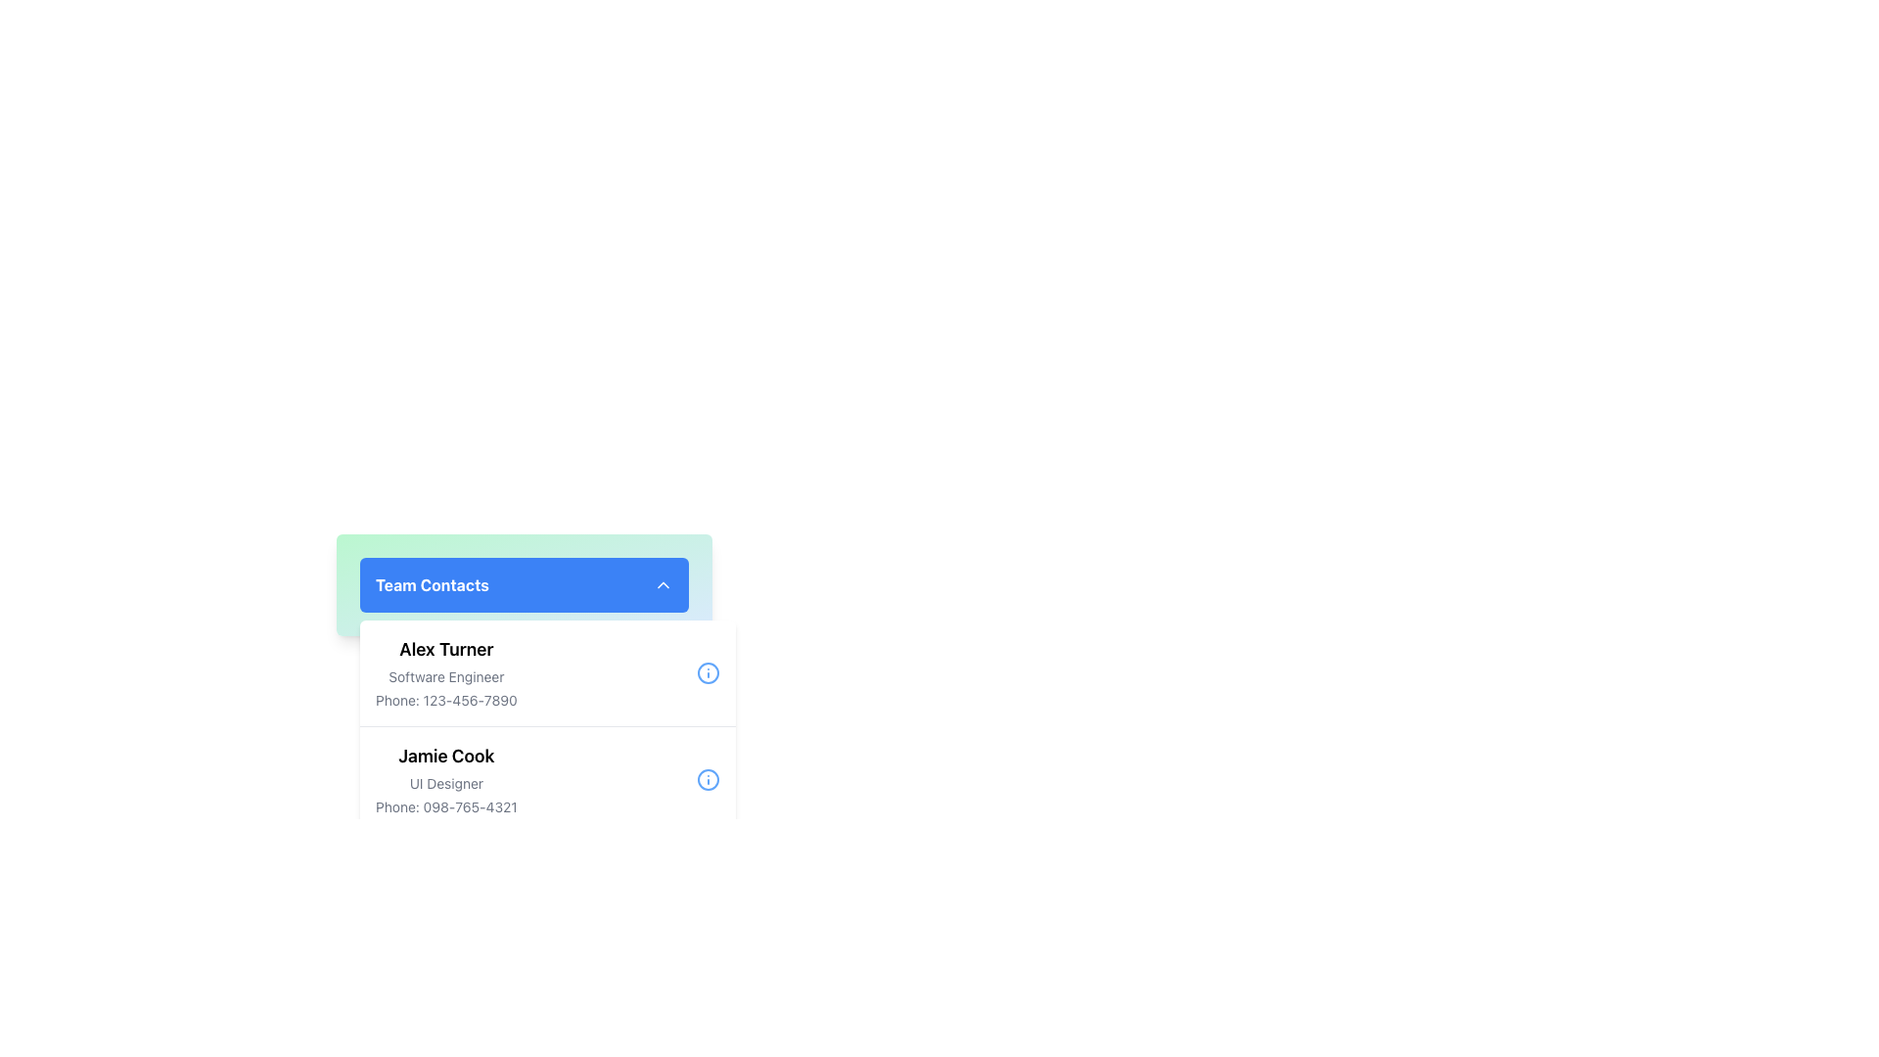 Image resolution: width=1879 pixels, height=1057 pixels. Describe the element at coordinates (663, 583) in the screenshot. I see `the upward-facing chevron icon, which is white on a blue background, located at the far right of the 'Team Contacts' header` at that location.